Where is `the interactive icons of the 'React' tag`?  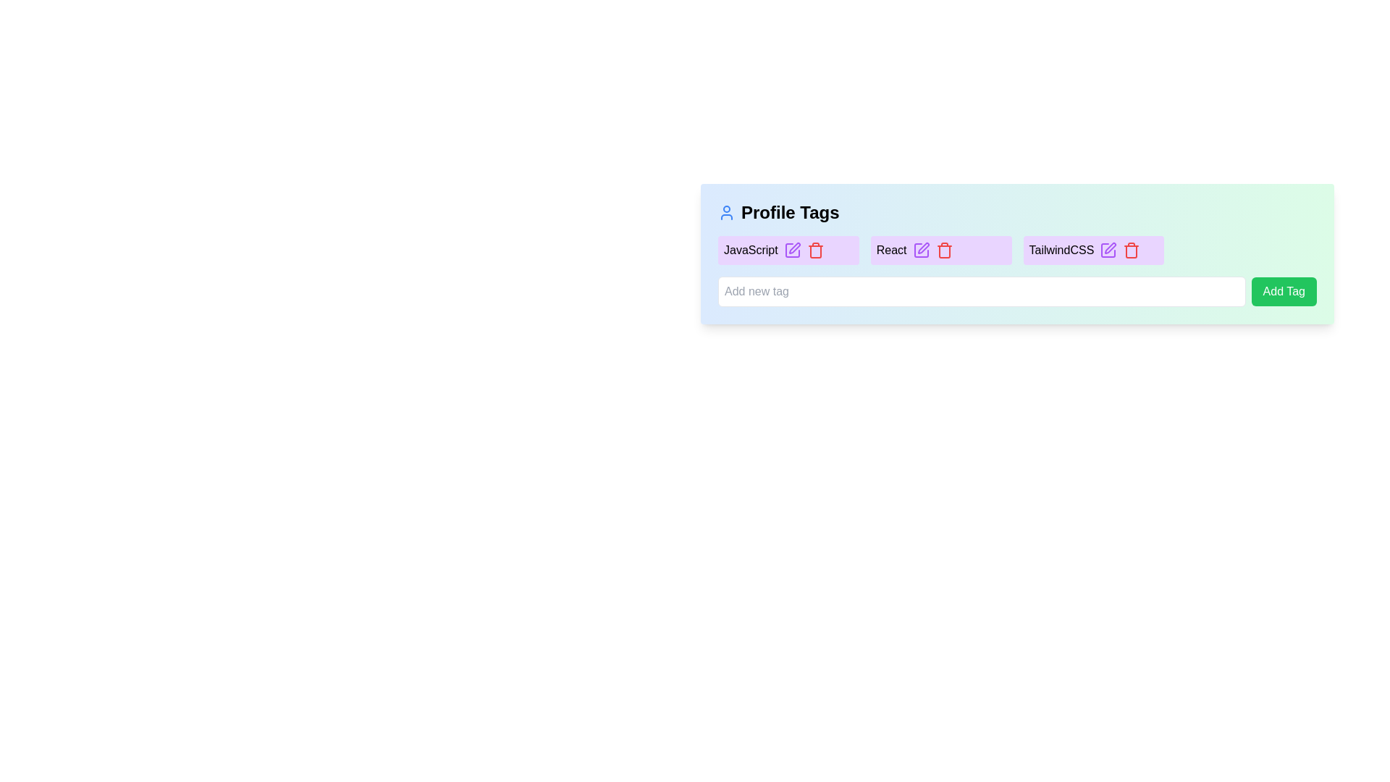 the interactive icons of the 'React' tag is located at coordinates (941, 250).